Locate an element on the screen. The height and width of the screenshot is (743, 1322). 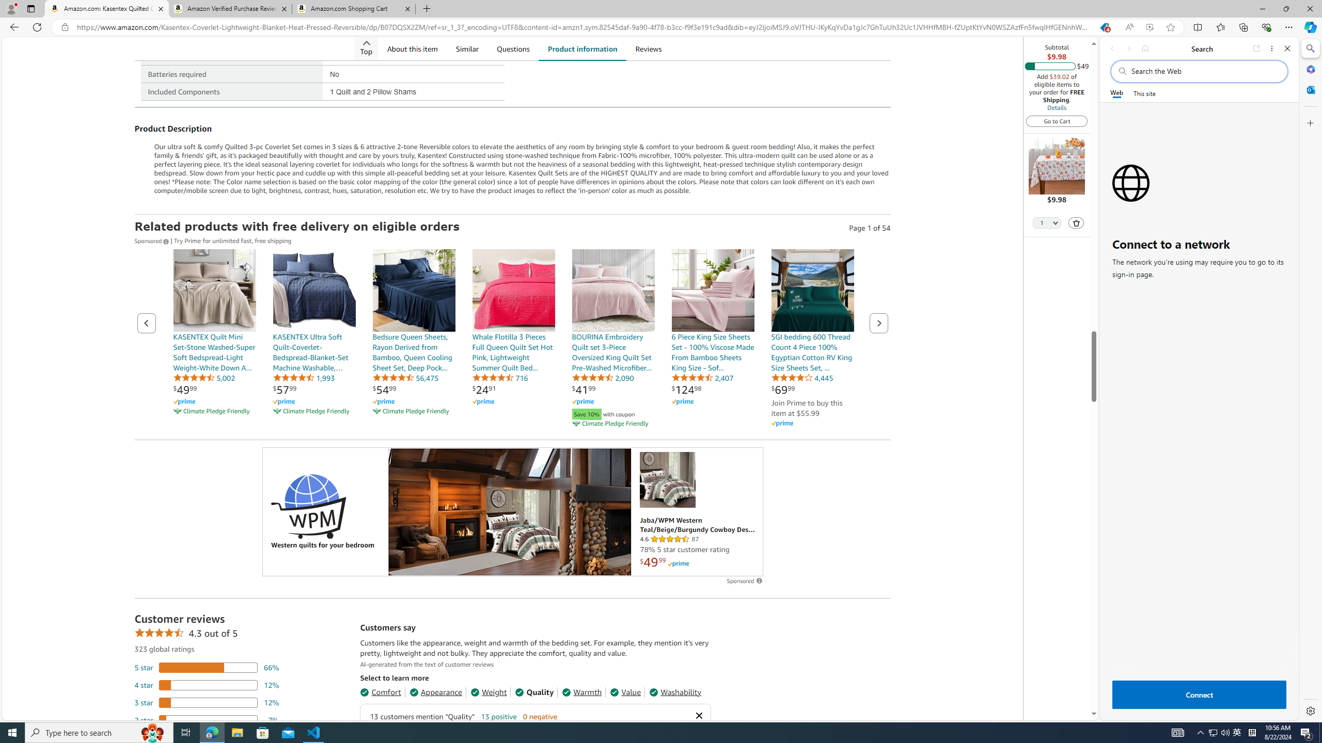
'$69.99' is located at coordinates (783, 389).